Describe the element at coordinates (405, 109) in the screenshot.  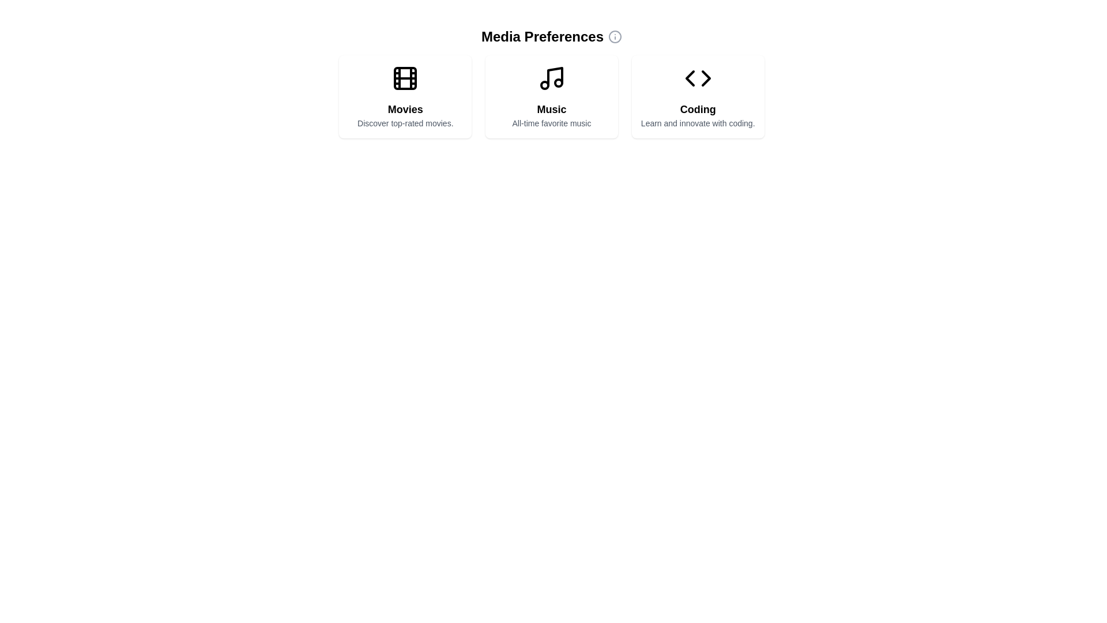
I see `the bold, center-aligned text 'Movies' located in the leftmost card of three cards, which has a film reel icon above it and the subtitle 'Discover top-rated movies' below it` at that location.